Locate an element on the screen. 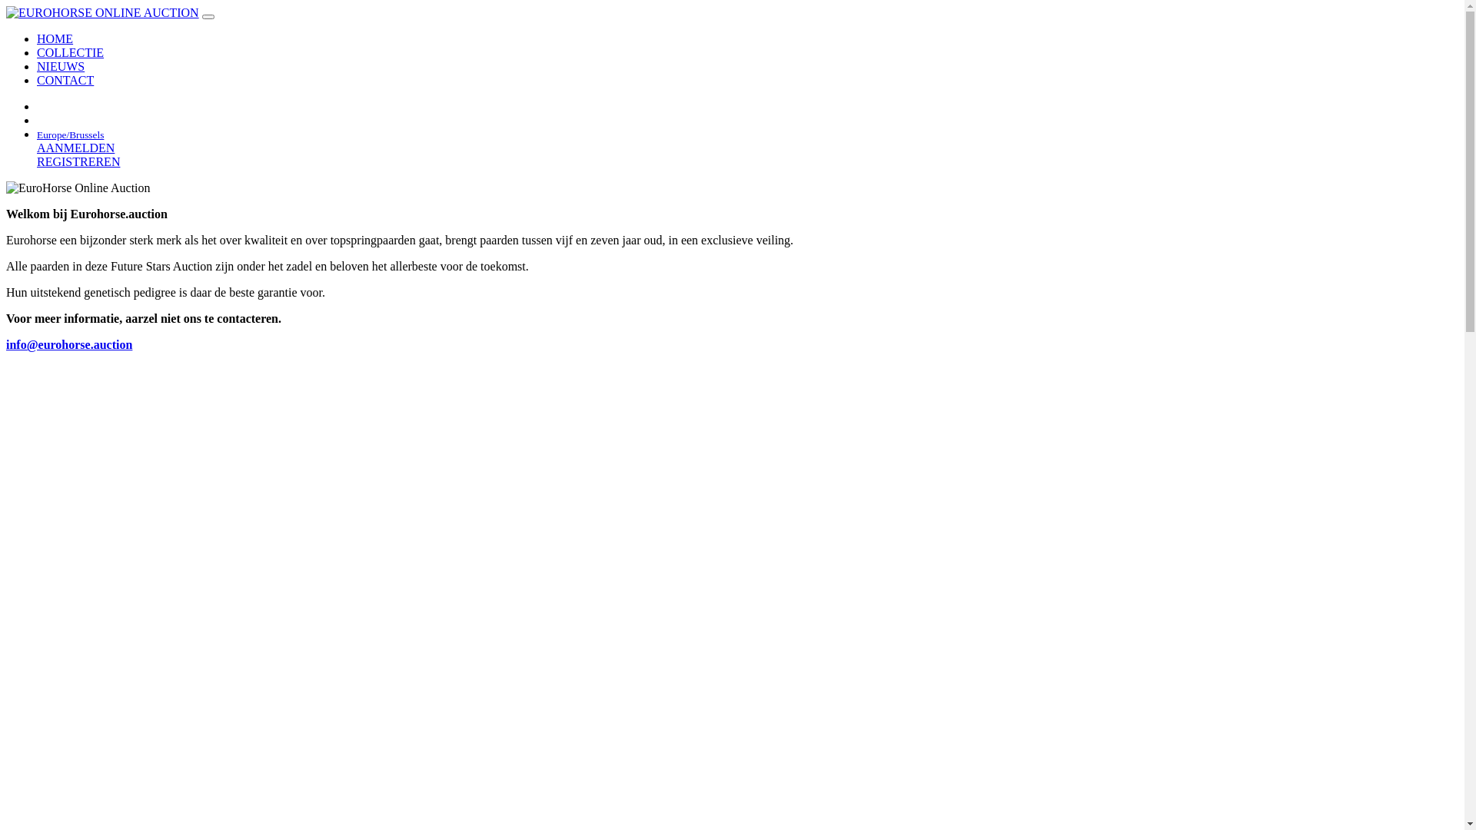  'COLLECTIE' is located at coordinates (69, 51).